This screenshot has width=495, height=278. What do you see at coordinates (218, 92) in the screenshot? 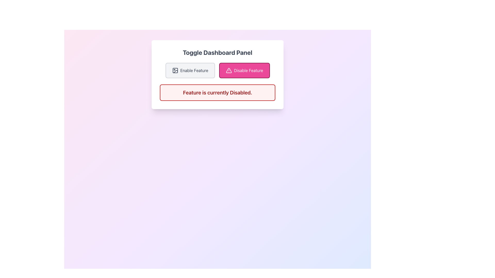
I see `the text label displaying 'Feature is currently Disabled.' which is styled in bold red font, located centrally in a light red panel beneath the 'Disable Feature' button` at bounding box center [218, 92].